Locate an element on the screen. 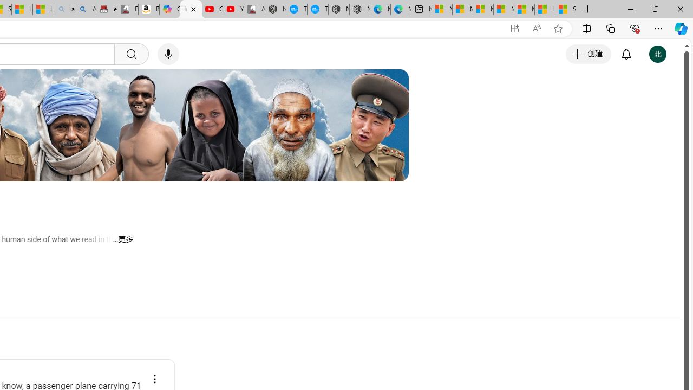  'I Gained 20 Pounds of Muscle in 30 Days! | Watch' is located at coordinates (545, 9).